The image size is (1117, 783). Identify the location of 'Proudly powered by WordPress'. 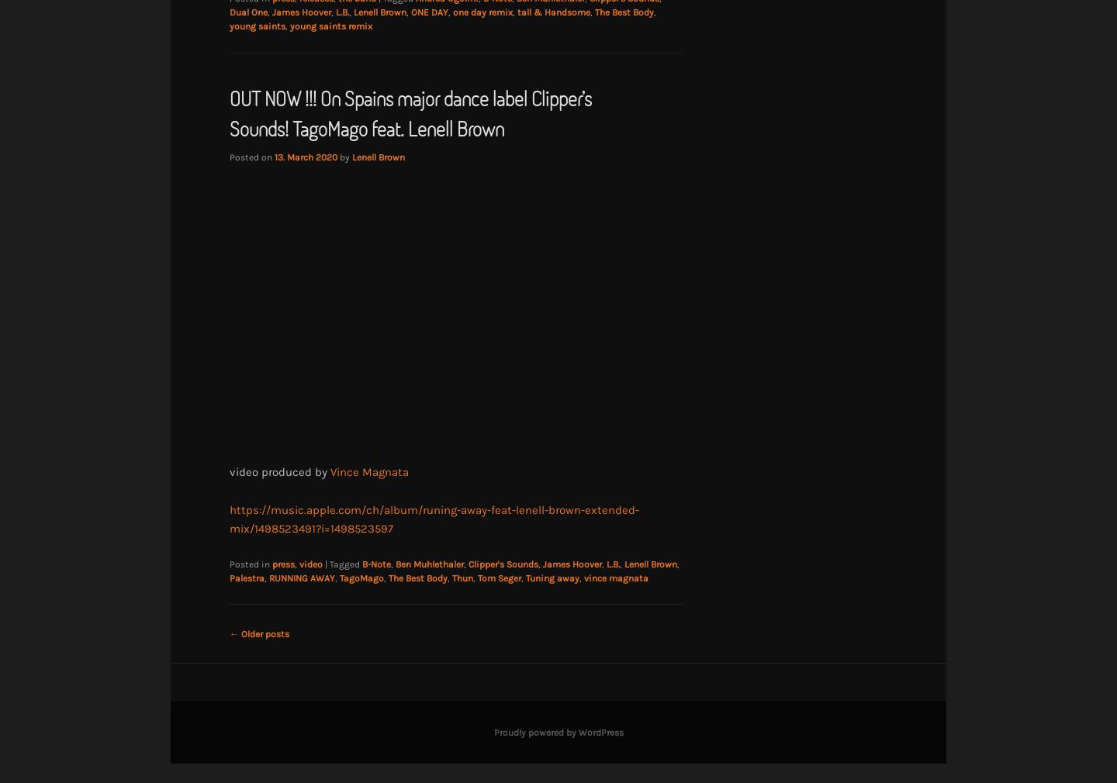
(558, 732).